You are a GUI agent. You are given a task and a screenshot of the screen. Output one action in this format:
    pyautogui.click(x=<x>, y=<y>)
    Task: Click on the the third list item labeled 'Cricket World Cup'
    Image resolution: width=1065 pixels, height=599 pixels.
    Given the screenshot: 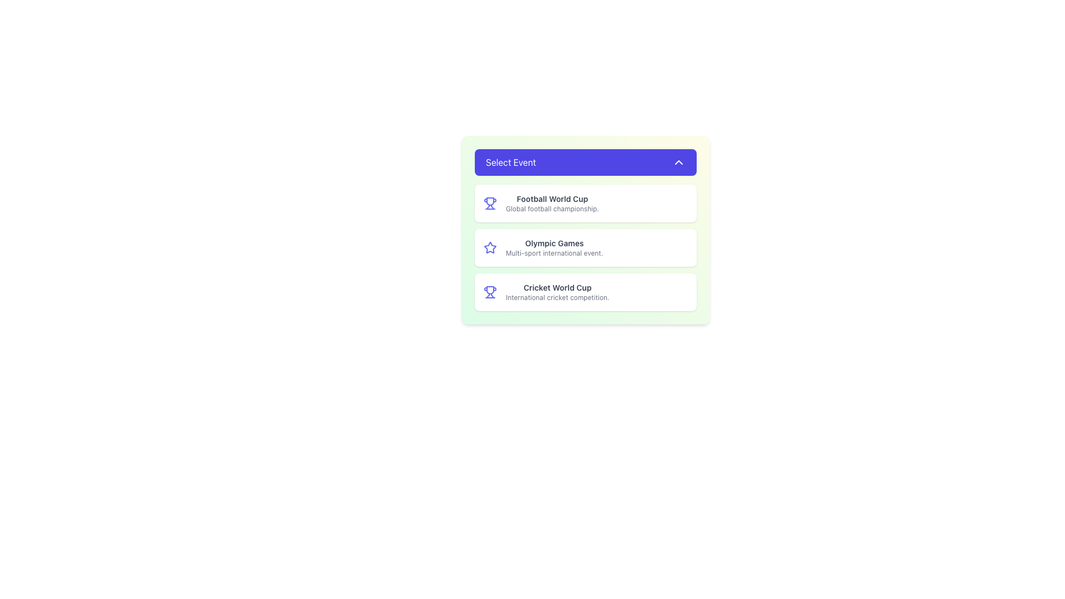 What is the action you would take?
    pyautogui.click(x=557, y=292)
    